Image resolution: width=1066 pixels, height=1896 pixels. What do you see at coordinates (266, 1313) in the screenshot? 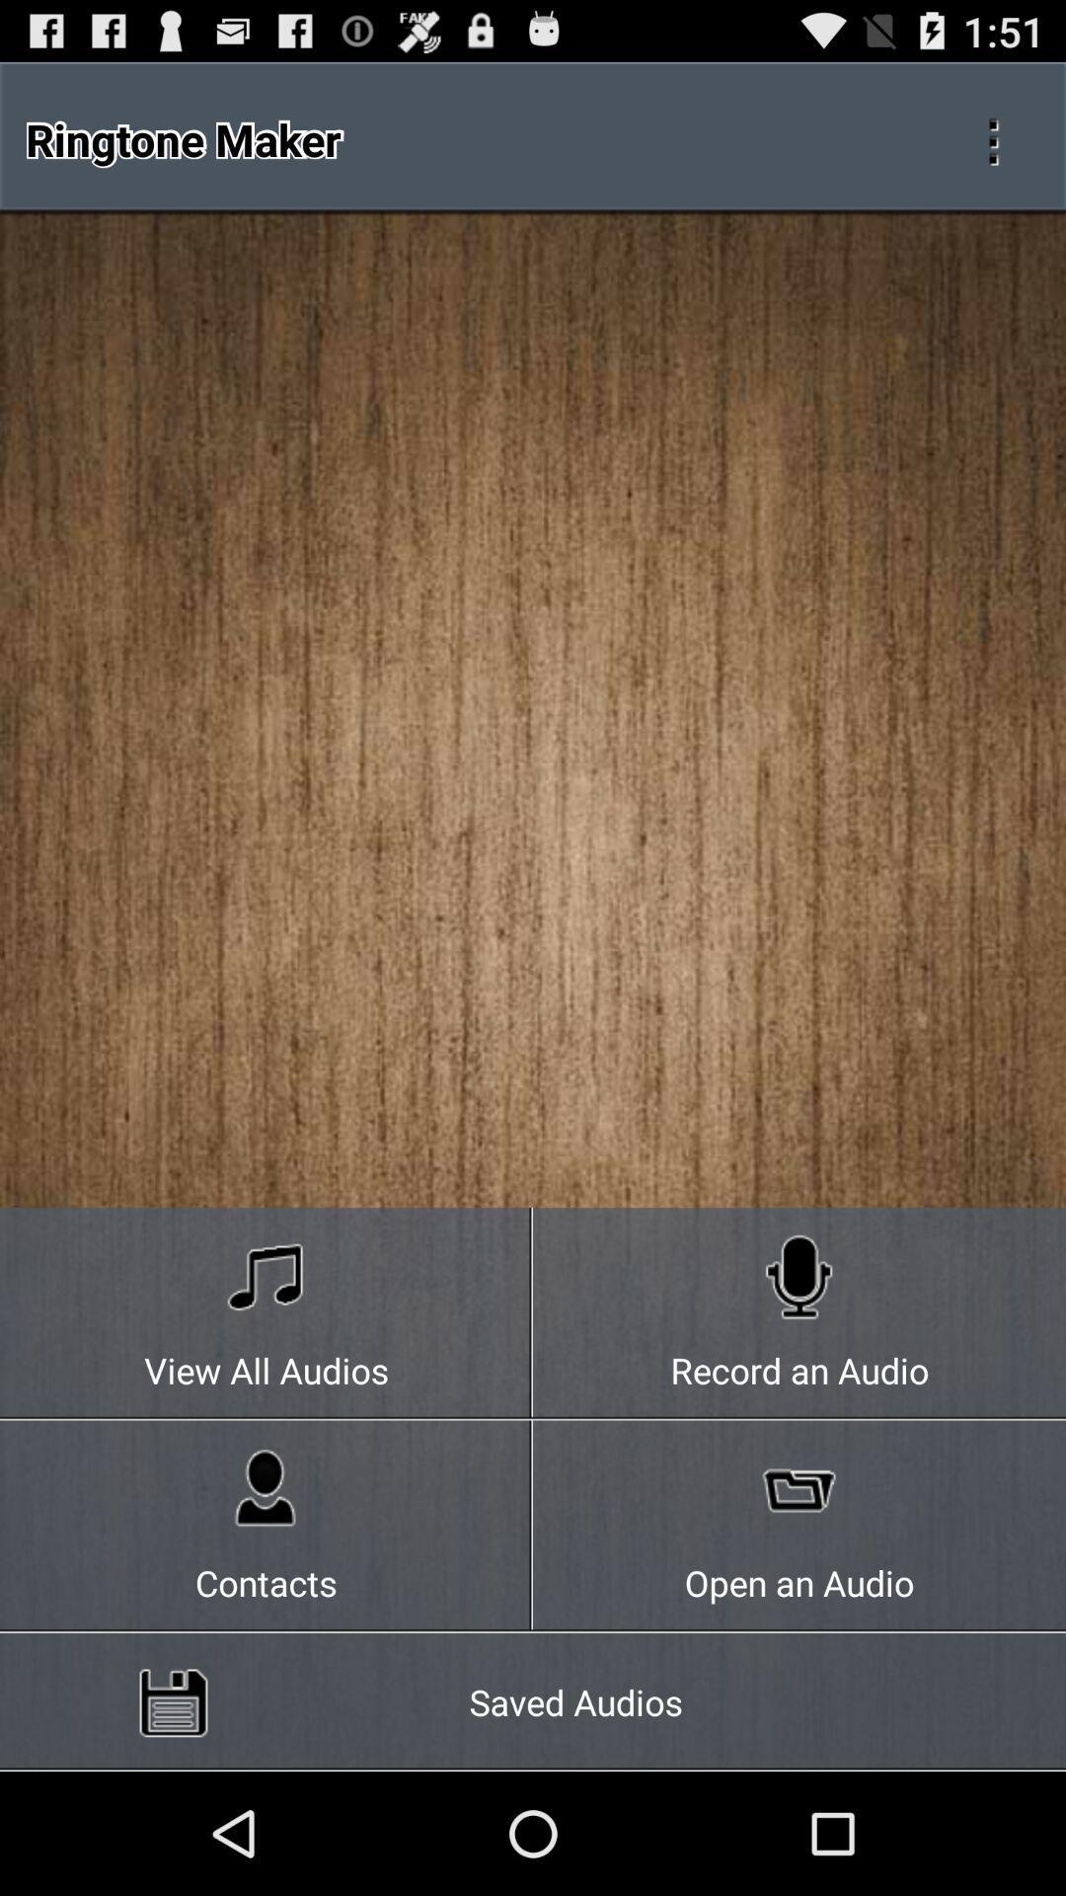
I see `the icon to the left of record an audio button` at bounding box center [266, 1313].